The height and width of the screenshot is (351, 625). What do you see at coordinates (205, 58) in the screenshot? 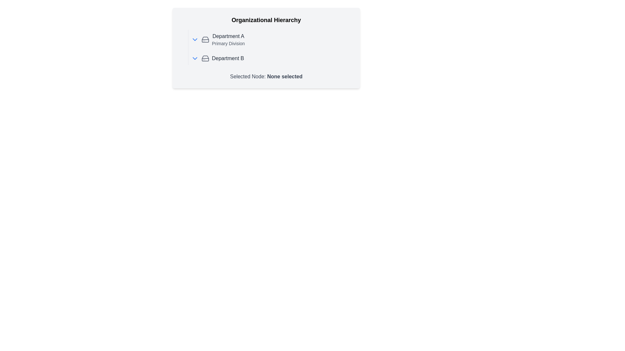
I see `the small gray hard drive icon located to the left of the text 'Department B' in the hierarchical menu` at bounding box center [205, 58].